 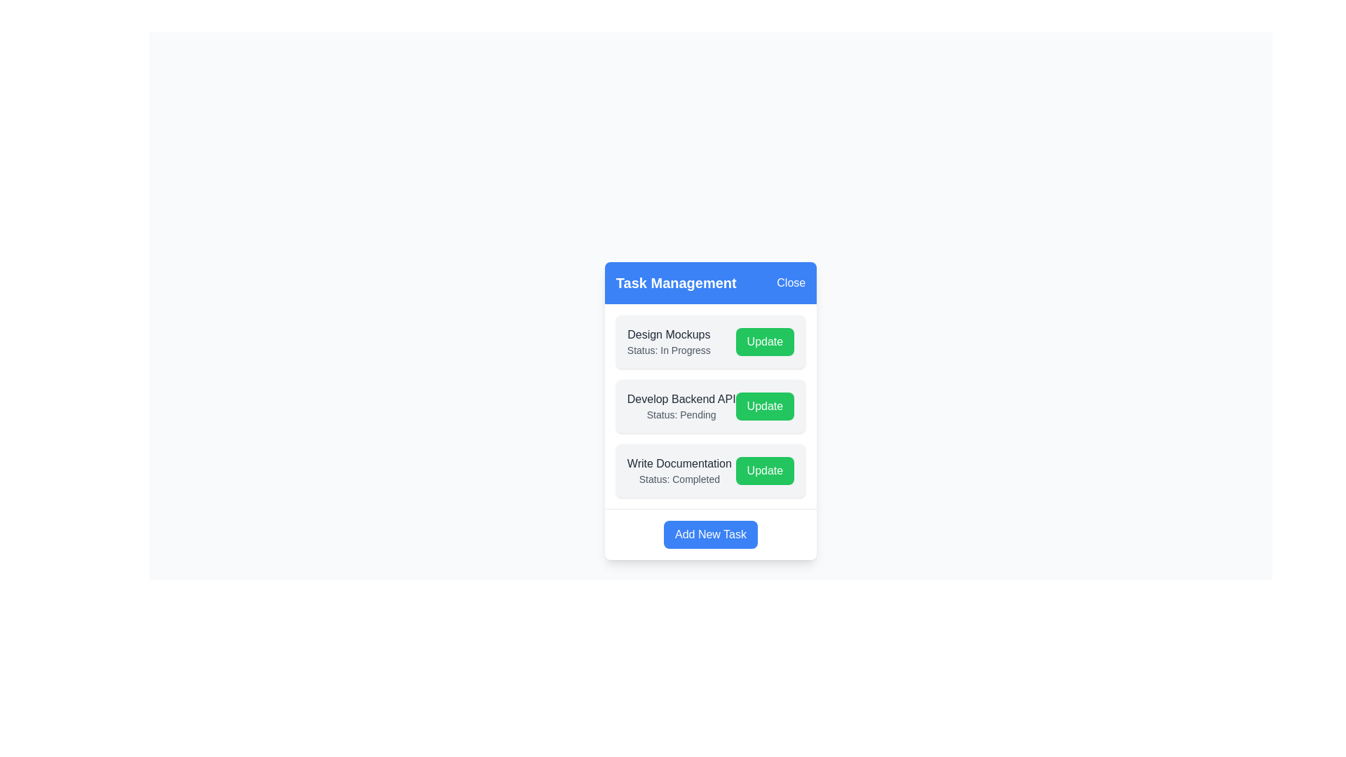 What do you see at coordinates (764, 470) in the screenshot?
I see `'Update' button for the task 'Write Documentation'` at bounding box center [764, 470].